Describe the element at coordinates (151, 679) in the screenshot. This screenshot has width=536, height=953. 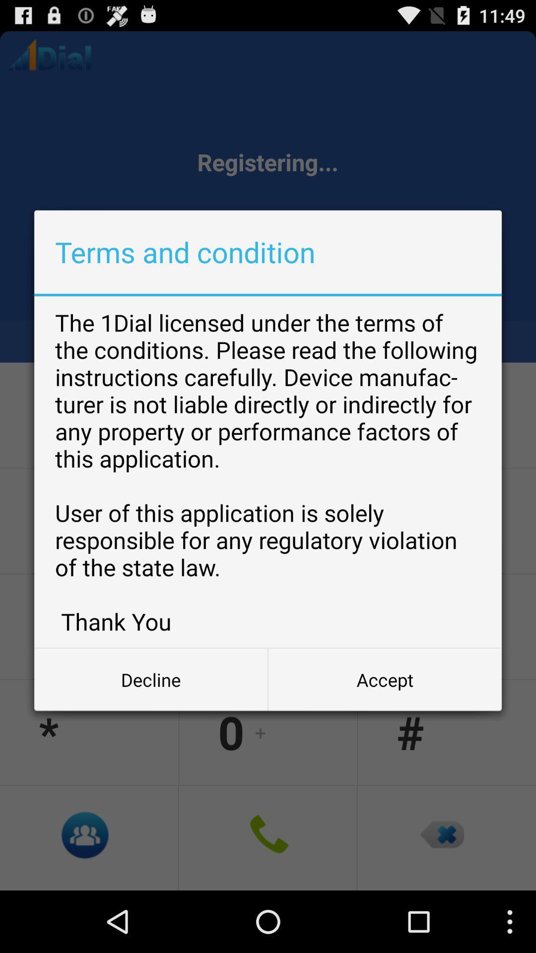
I see `the item next to the accept icon` at that location.